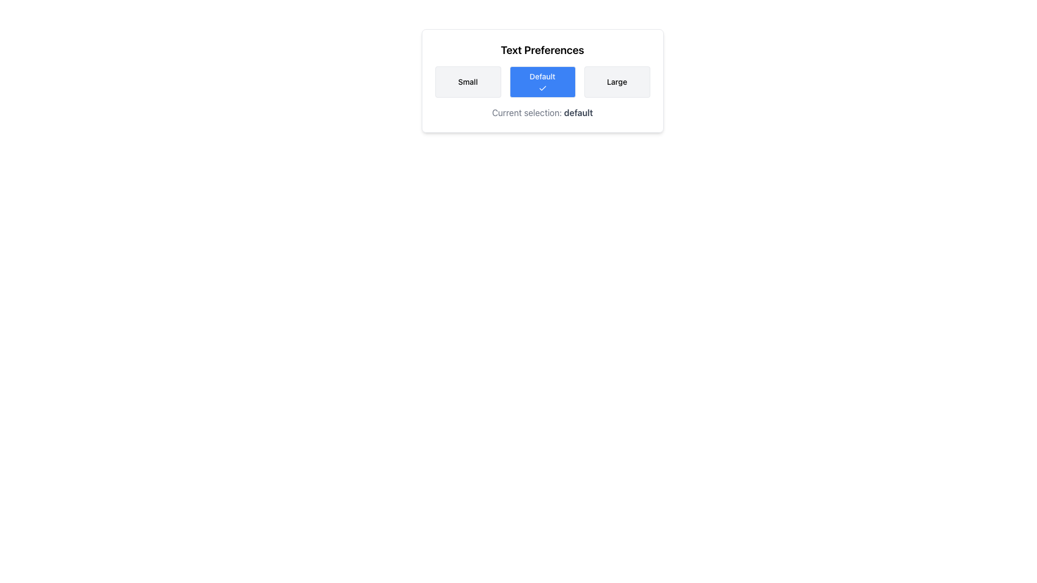 This screenshot has height=583, width=1037. I want to click on the static text element that indicates the current user-selected preference, which reads 'Current selection: default', positioned centrally beneath the 'Default' label in the text size settings, so click(578, 112).